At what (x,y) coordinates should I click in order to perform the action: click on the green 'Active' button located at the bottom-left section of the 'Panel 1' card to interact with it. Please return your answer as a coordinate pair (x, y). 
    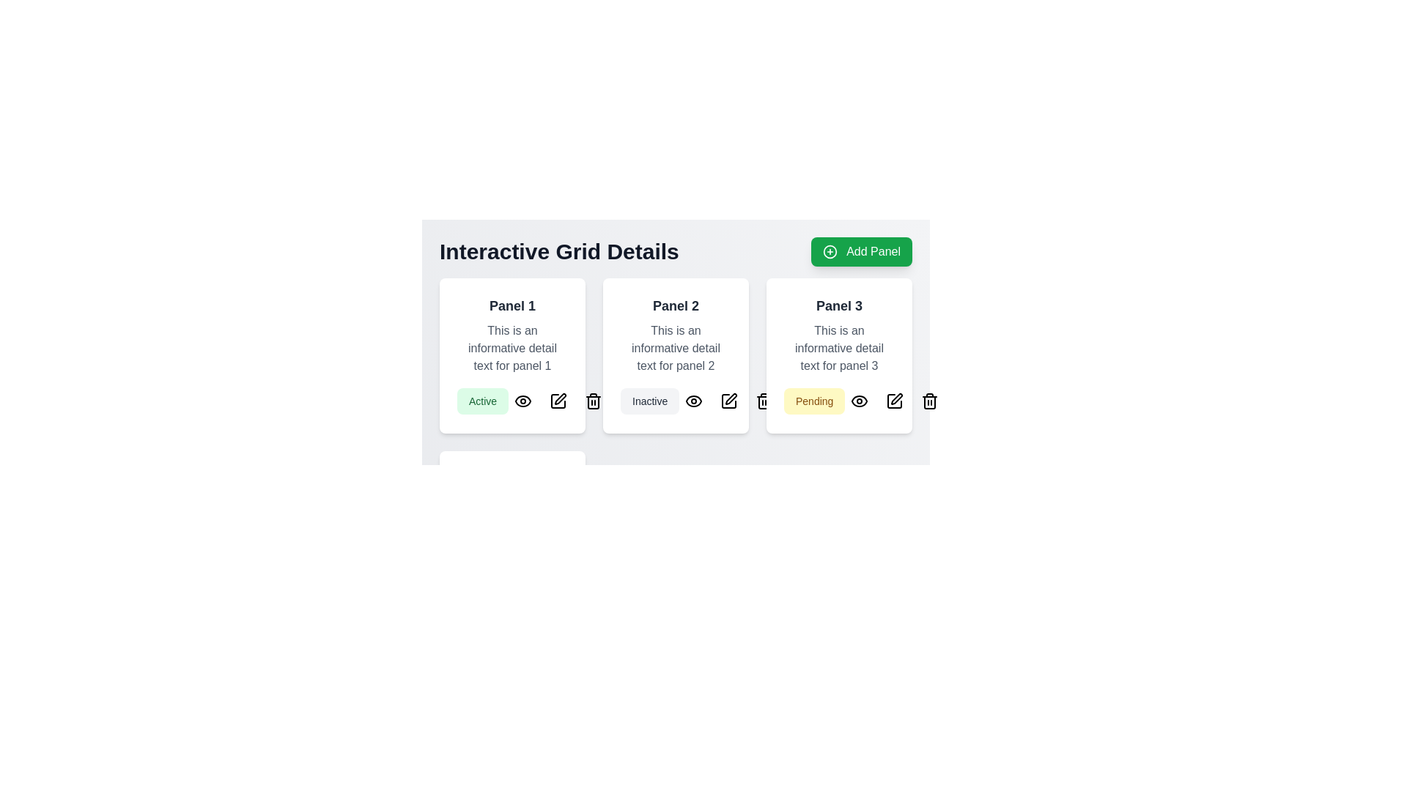
    Looking at the image, I should click on (512, 401).